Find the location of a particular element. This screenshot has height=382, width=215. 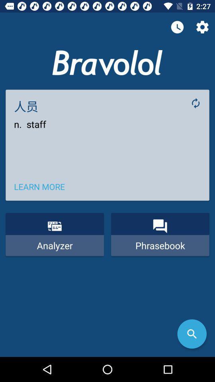

the search icon is located at coordinates (192, 334).